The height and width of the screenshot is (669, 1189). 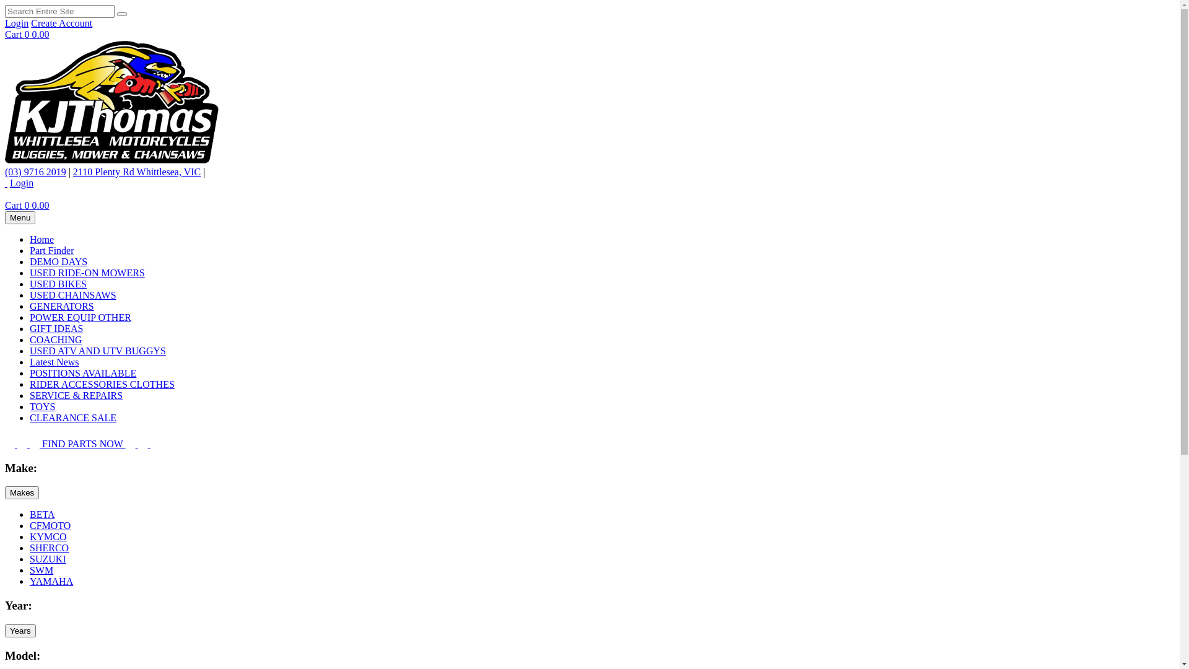 I want to click on 'Cart 0 0.00', so click(x=27, y=33).